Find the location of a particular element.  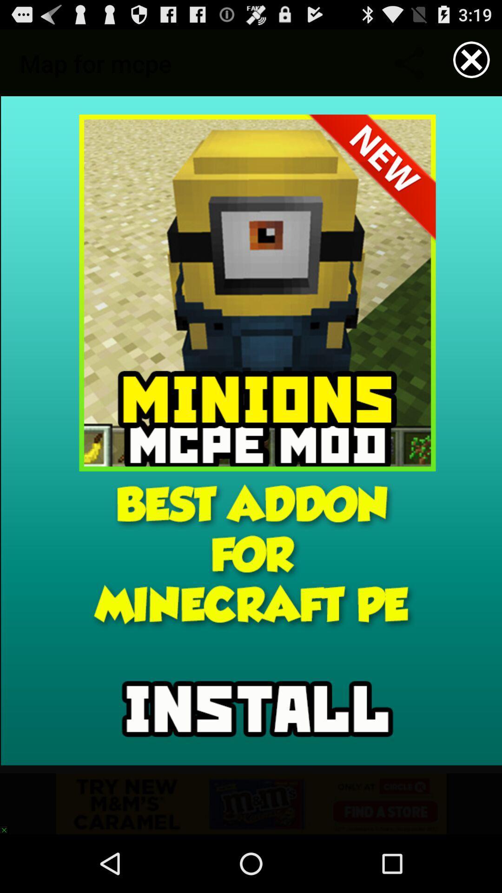

close is located at coordinates (471, 59).